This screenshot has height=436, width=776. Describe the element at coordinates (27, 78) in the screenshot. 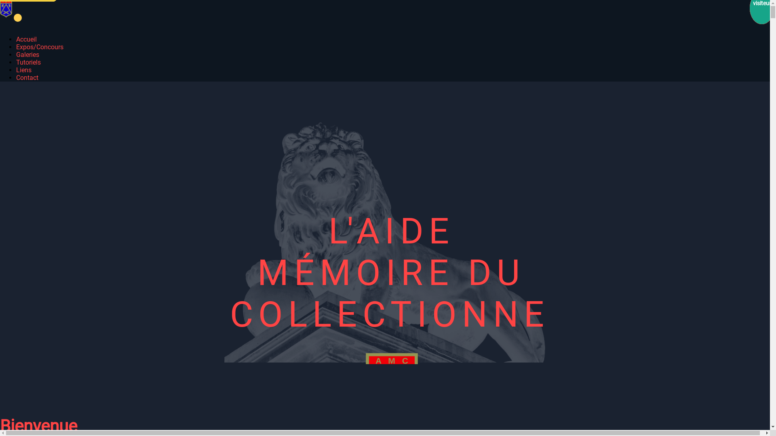

I see `'Contact'` at that location.